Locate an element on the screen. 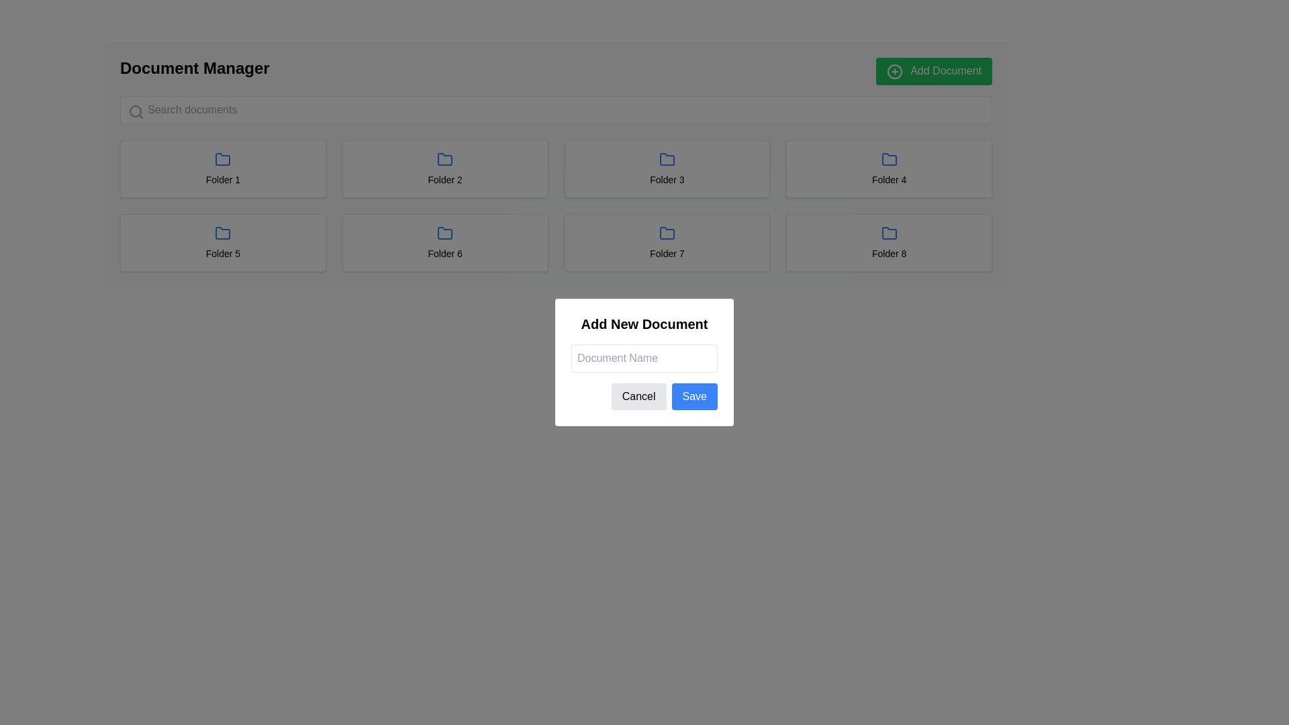 The image size is (1289, 725). the 'Cancel' button located at the bottom-left of the pop-up modal is located at coordinates (638, 395).